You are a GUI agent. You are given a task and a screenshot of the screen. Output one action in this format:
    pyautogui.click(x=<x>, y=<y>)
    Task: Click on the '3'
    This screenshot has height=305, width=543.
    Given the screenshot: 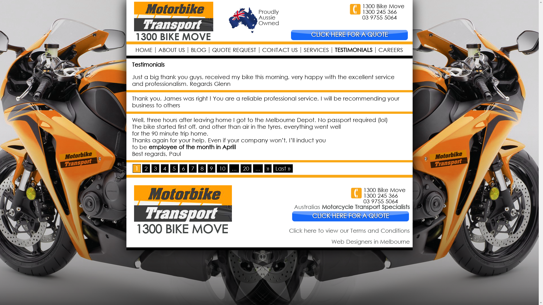 What is the action you would take?
    pyautogui.click(x=155, y=168)
    